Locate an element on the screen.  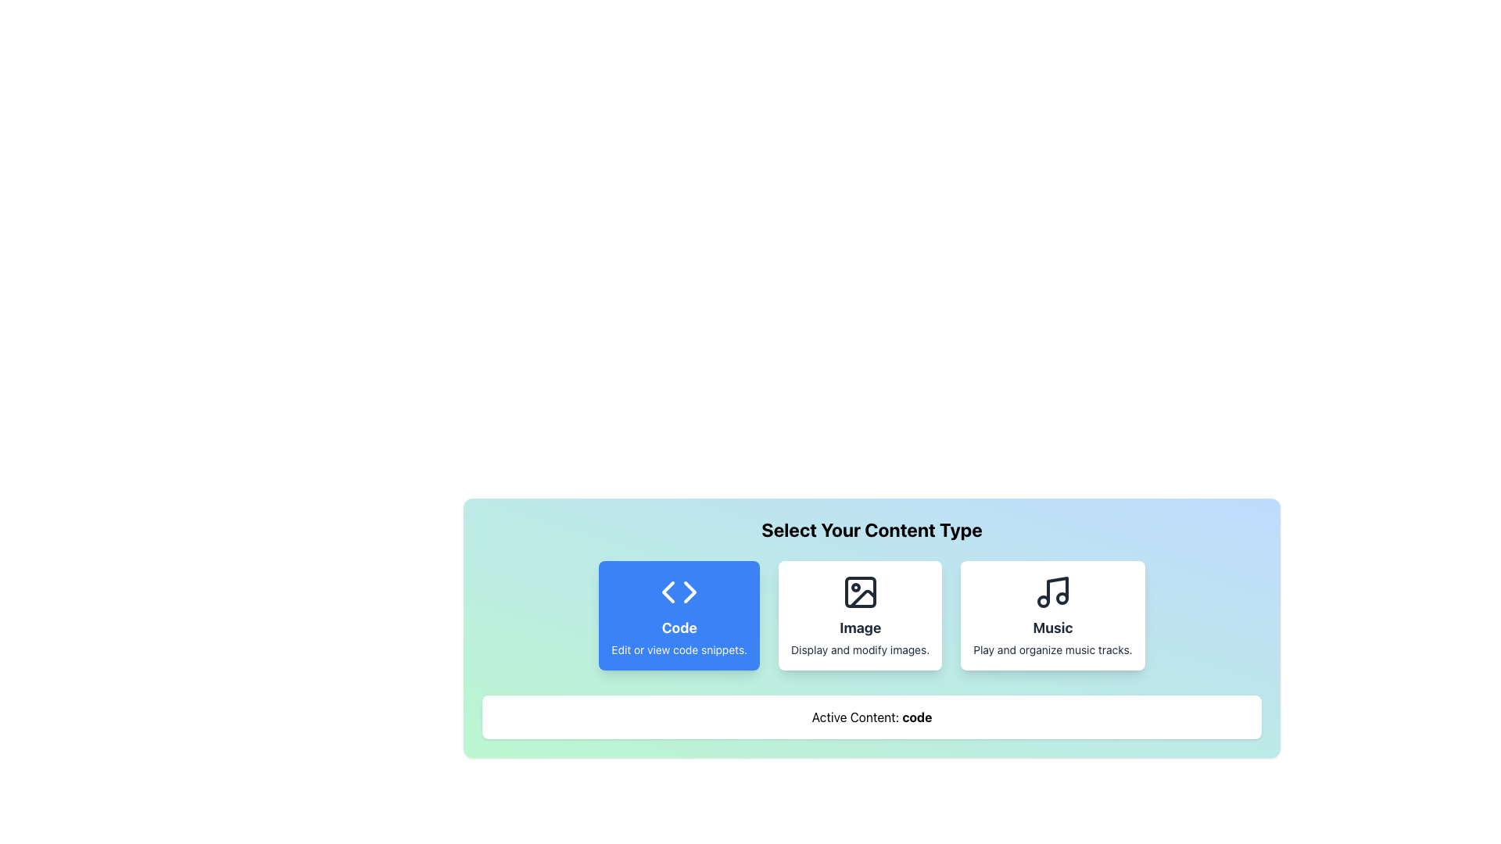
the leftward-pointing triangular arrow shape within the blue button labeled 'Code', which is part of a code-like SVG icon is located at coordinates (668, 592).